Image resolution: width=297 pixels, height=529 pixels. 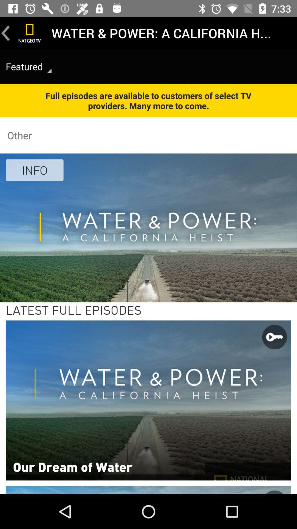 What do you see at coordinates (35, 170) in the screenshot?
I see `the item above the latest full episodes item` at bounding box center [35, 170].